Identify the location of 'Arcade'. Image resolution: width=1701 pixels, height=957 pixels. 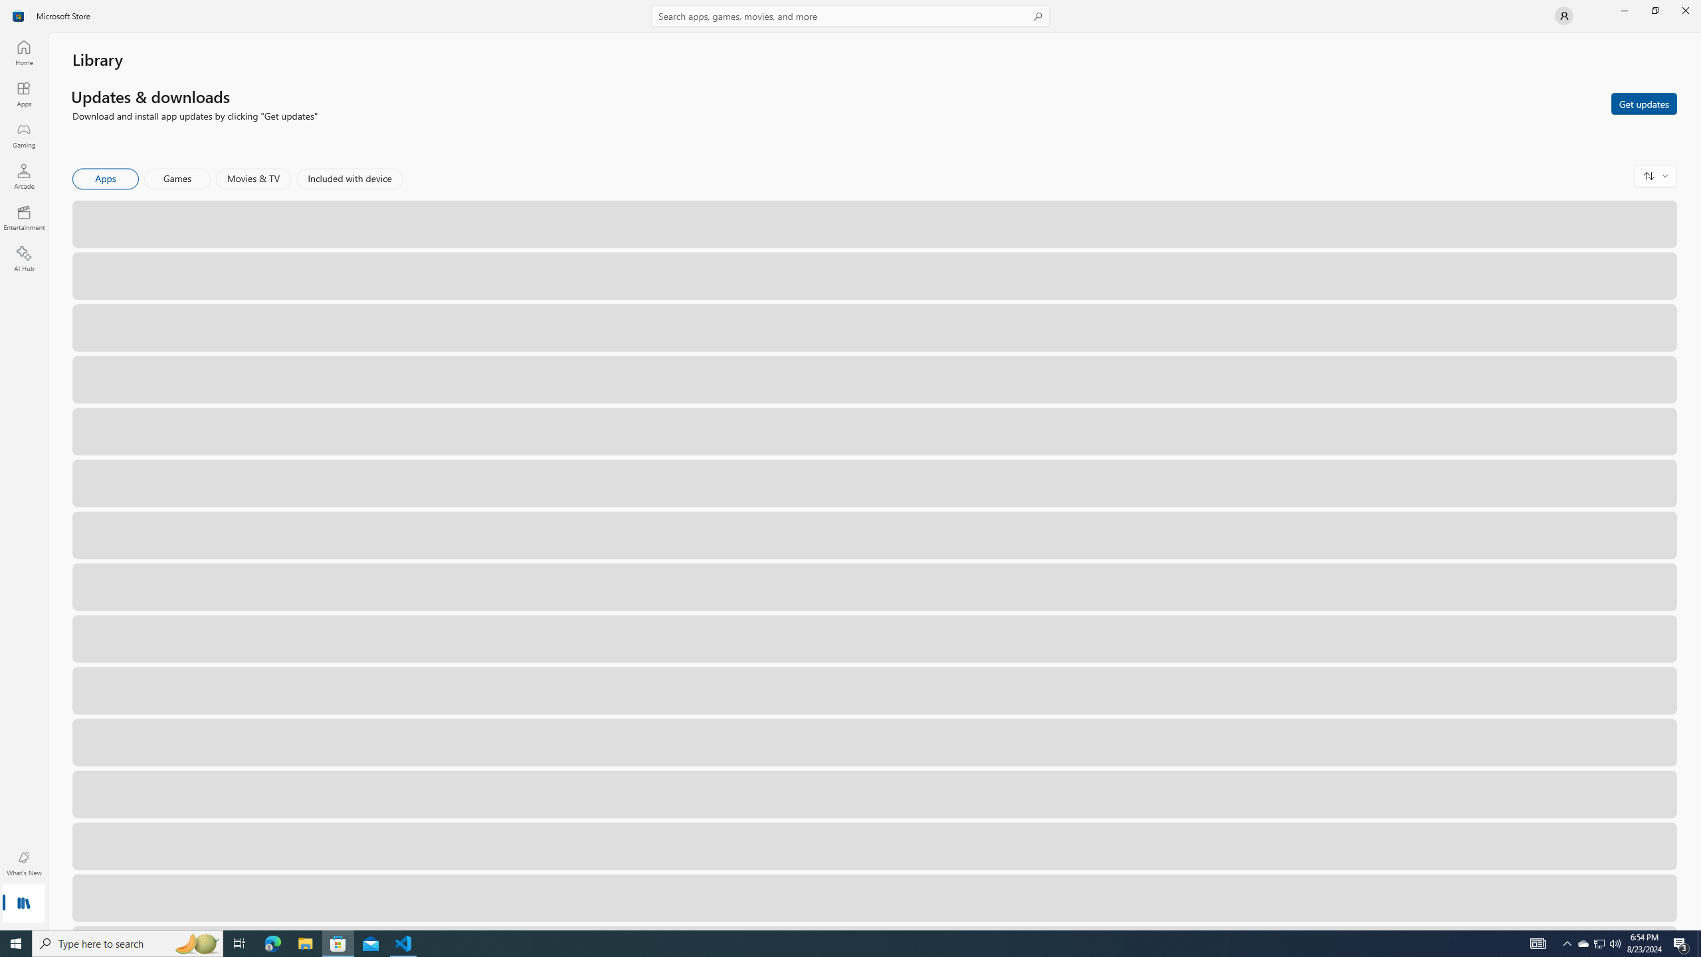
(23, 175).